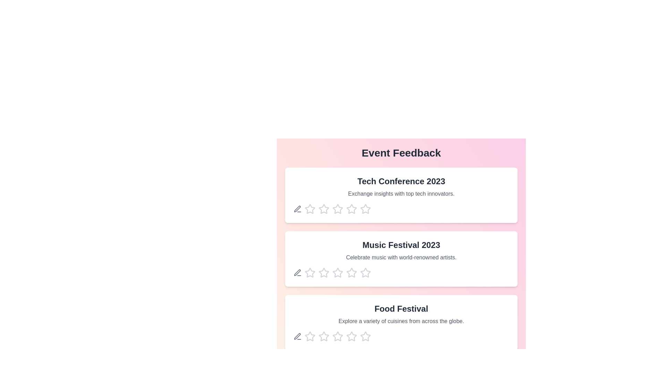 This screenshot has width=666, height=374. Describe the element at coordinates (401, 259) in the screenshot. I see `the event card for Music Festival 2023` at that location.